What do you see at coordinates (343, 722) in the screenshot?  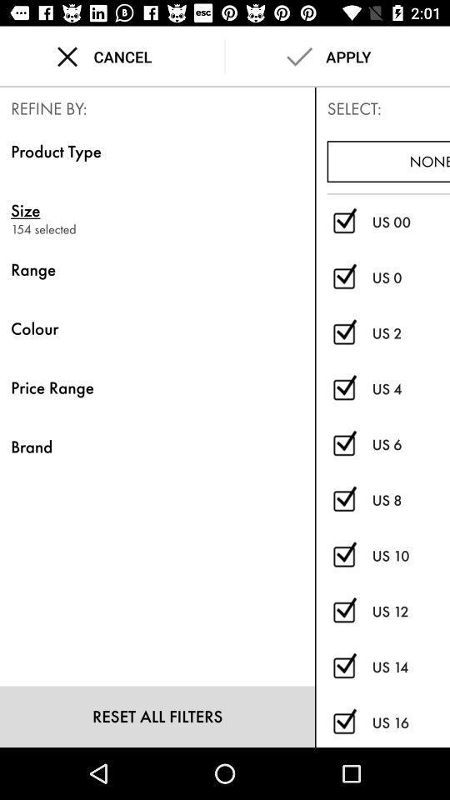 I see `select/deselect size us 16` at bounding box center [343, 722].